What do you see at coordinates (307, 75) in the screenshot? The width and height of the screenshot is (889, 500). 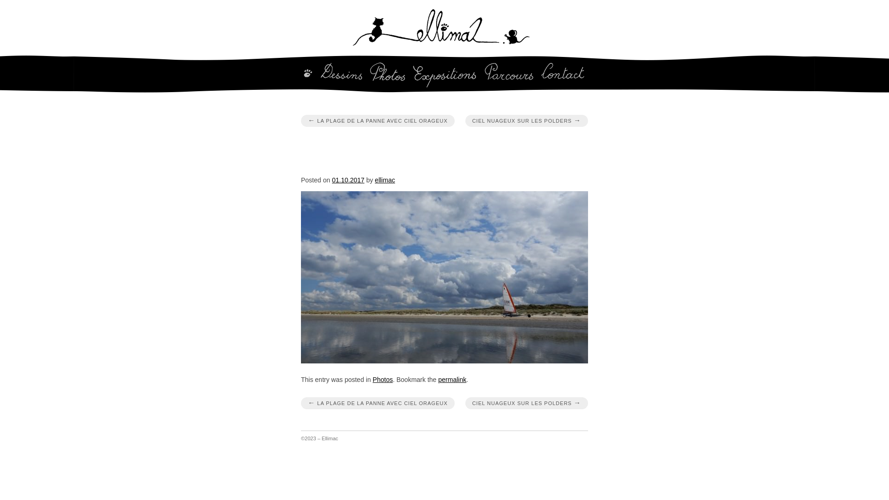 I see `'Home'` at bounding box center [307, 75].